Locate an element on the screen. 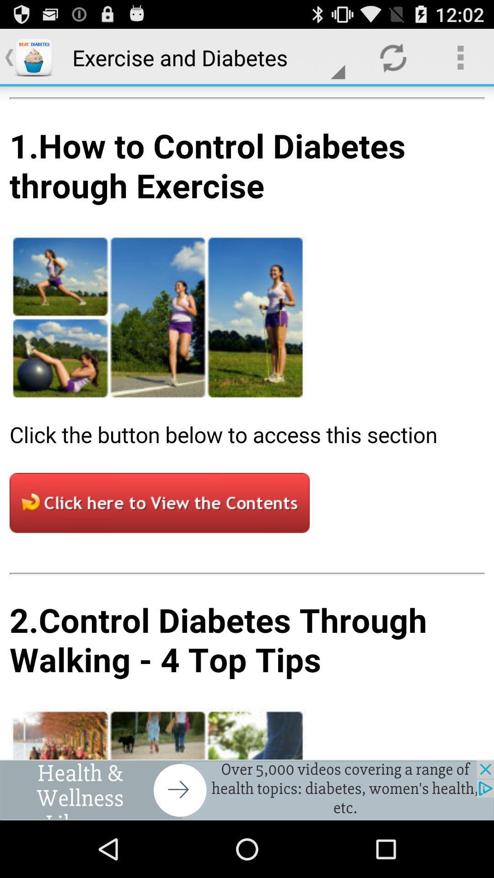 The height and width of the screenshot is (878, 494). advertisement for health and wellness is located at coordinates (247, 790).